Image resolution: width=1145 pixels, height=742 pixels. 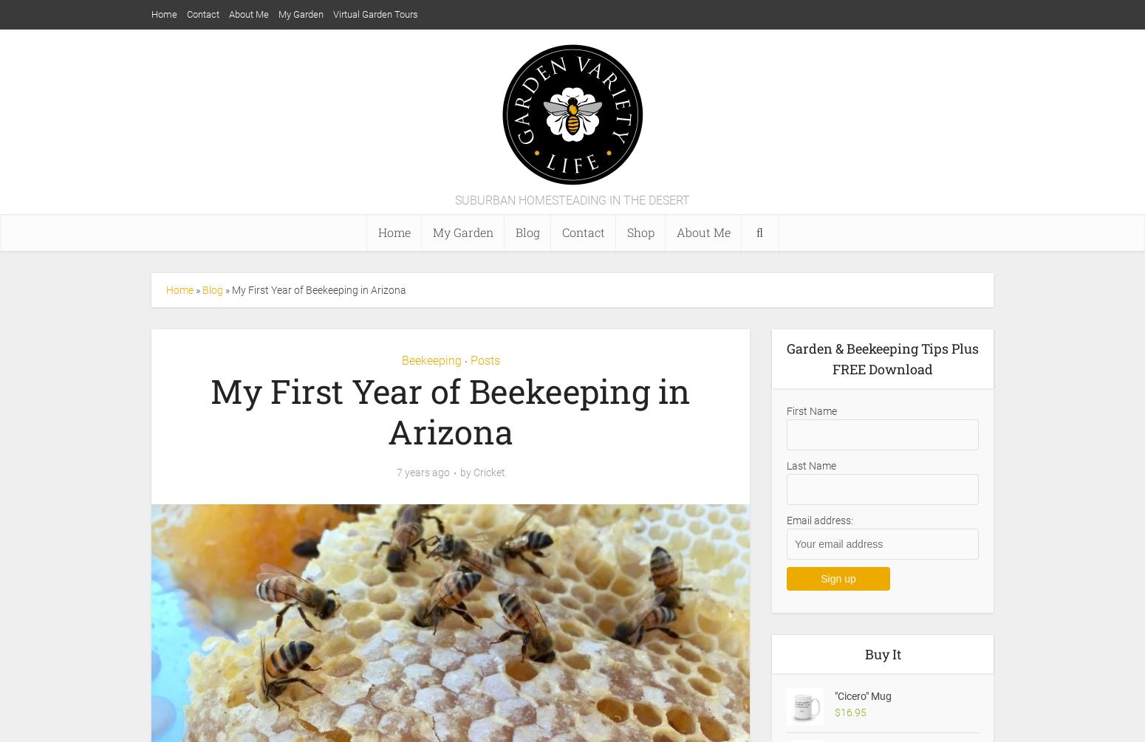 I want to click on '$', so click(x=836, y=712).